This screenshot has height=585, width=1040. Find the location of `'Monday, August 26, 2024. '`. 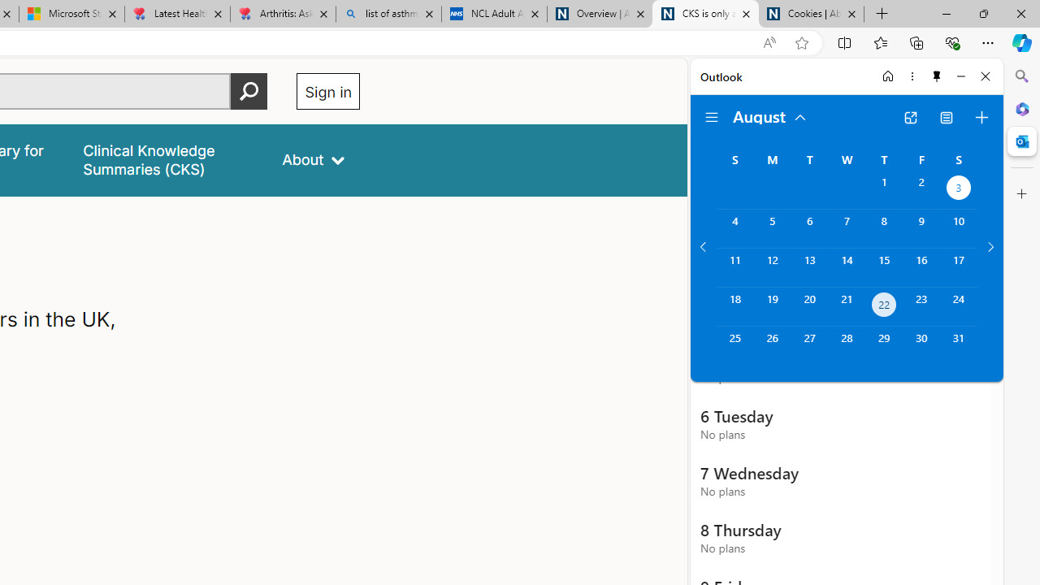

'Monday, August 26, 2024. ' is located at coordinates (771, 344).